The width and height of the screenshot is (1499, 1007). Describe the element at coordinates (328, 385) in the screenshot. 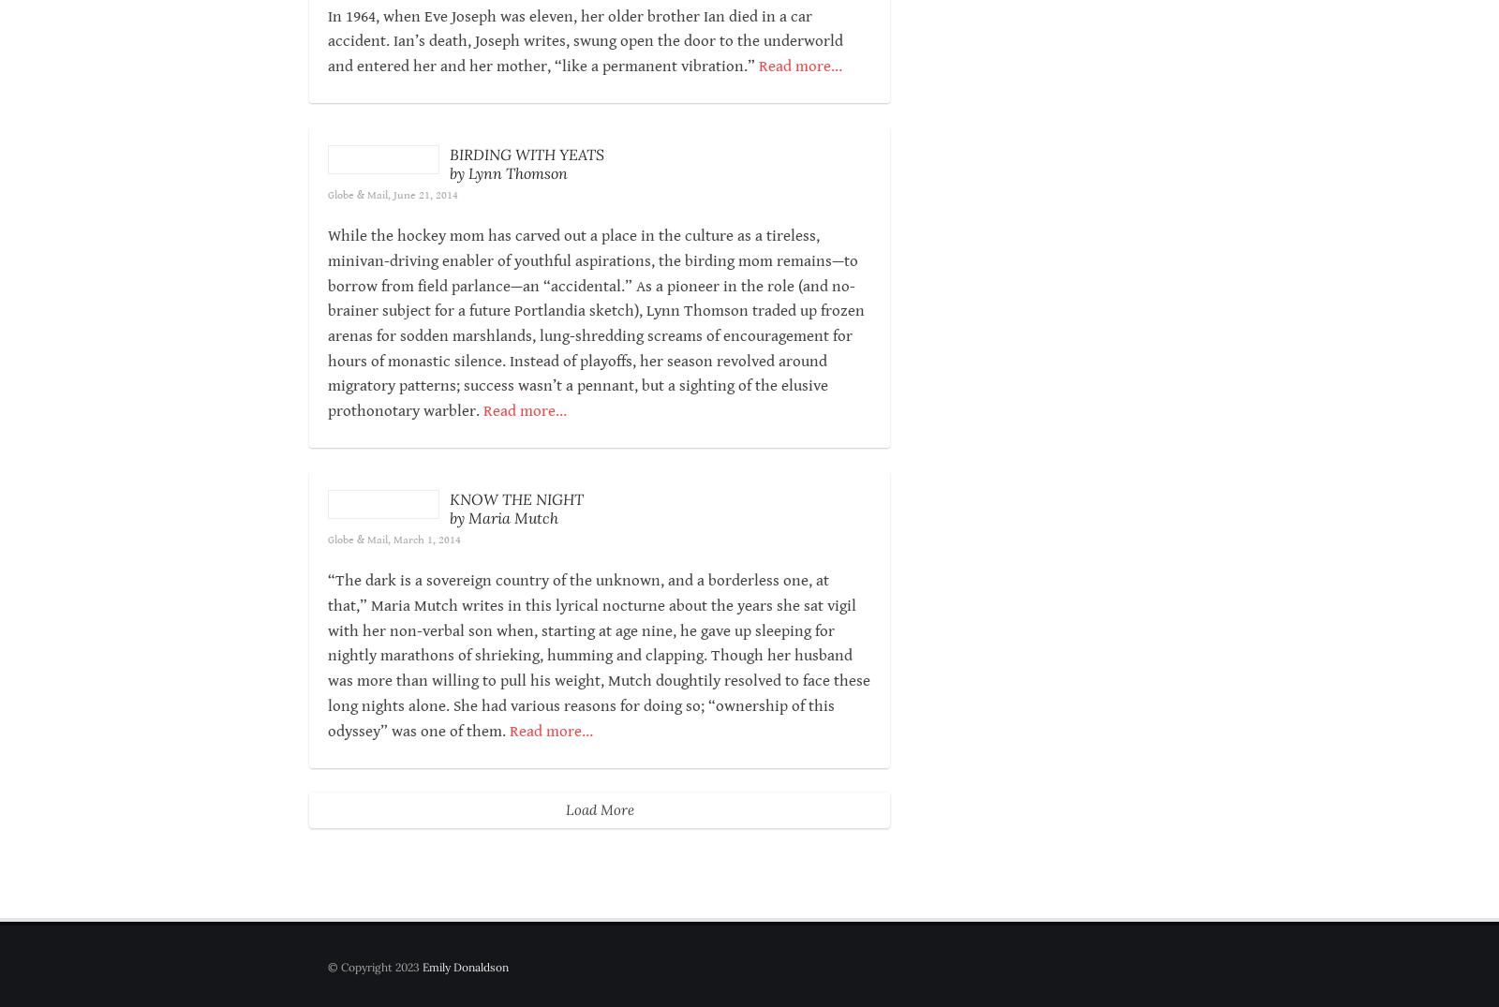

I see `'While the hockey mom has carved out a place in the culture as a tireless, minivan-driving enabler of youthful aspirations, the birding mom remains—to borrow from field parlance—an “accidental.” As a pioneer in the role (and no-brainer subject for a future Portlandia sketch), Lynn Thomson traded up frozen arenas for sodden marshlands, lung-shredding screams of encouragement for hours of monastic silence. Instead of playoffs, her season revolved around migratory patterns; success wasn’t a pennant, but a sighting of the elusive prothonotary warbler.'` at that location.